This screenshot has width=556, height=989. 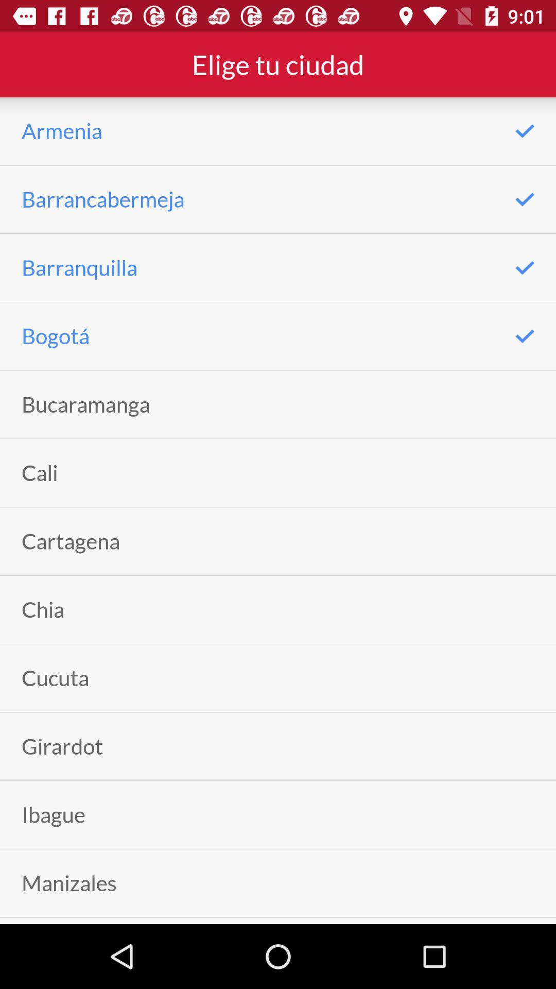 I want to click on item above the cali item, so click(x=85, y=404).